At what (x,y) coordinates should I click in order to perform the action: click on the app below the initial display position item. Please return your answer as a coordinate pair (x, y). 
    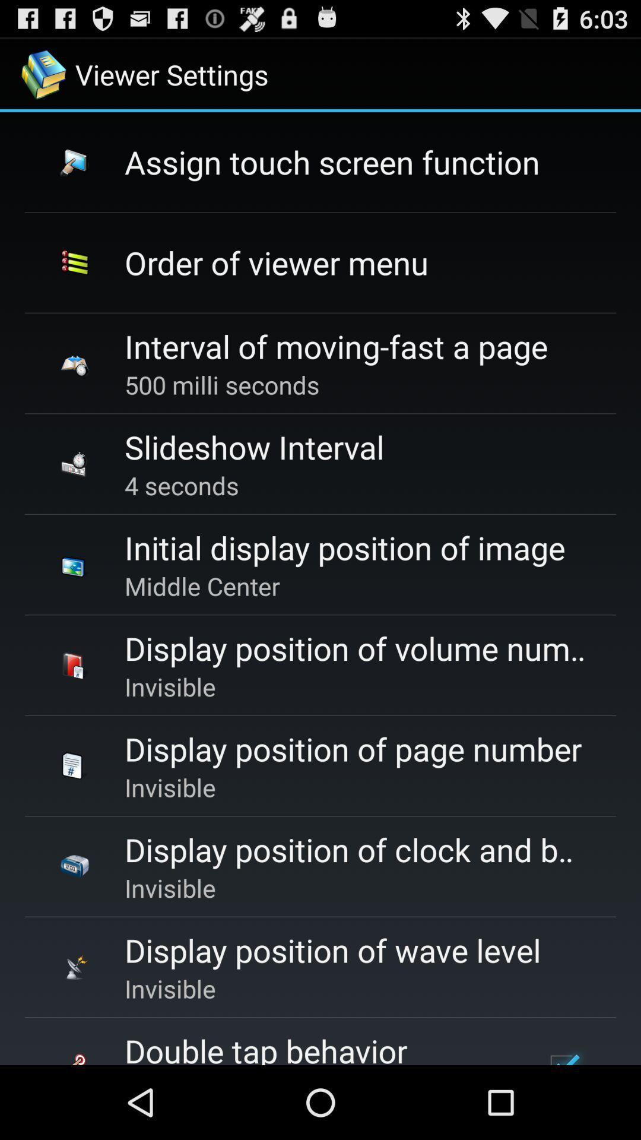
    Looking at the image, I should click on (201, 586).